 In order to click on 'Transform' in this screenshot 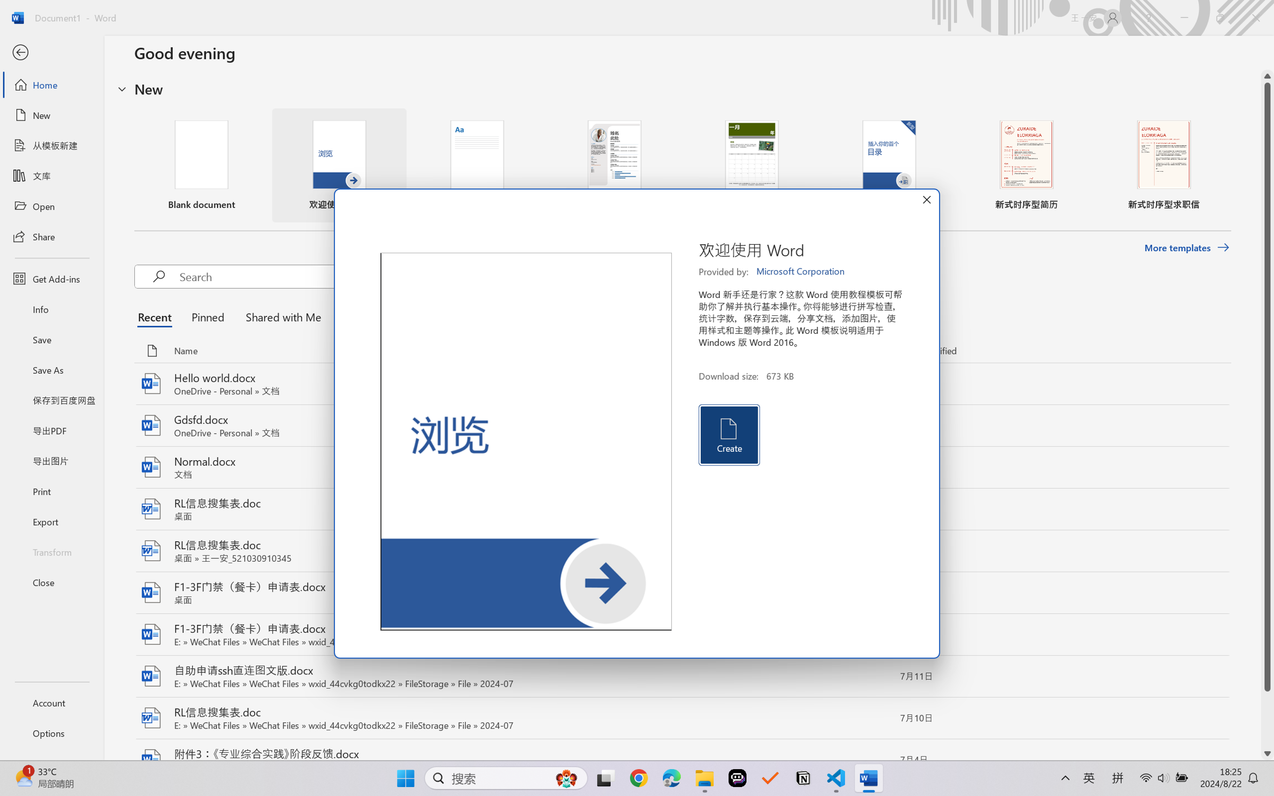, I will do `click(51, 551)`.